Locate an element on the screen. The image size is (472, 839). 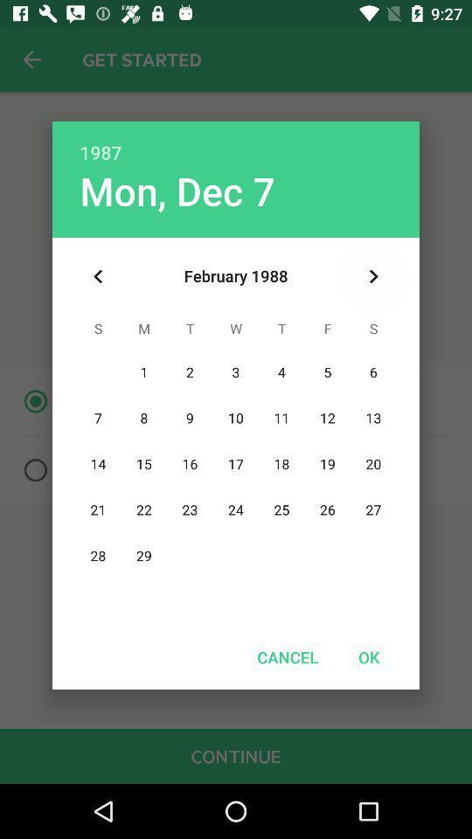
item next to cancel is located at coordinates (368, 656).